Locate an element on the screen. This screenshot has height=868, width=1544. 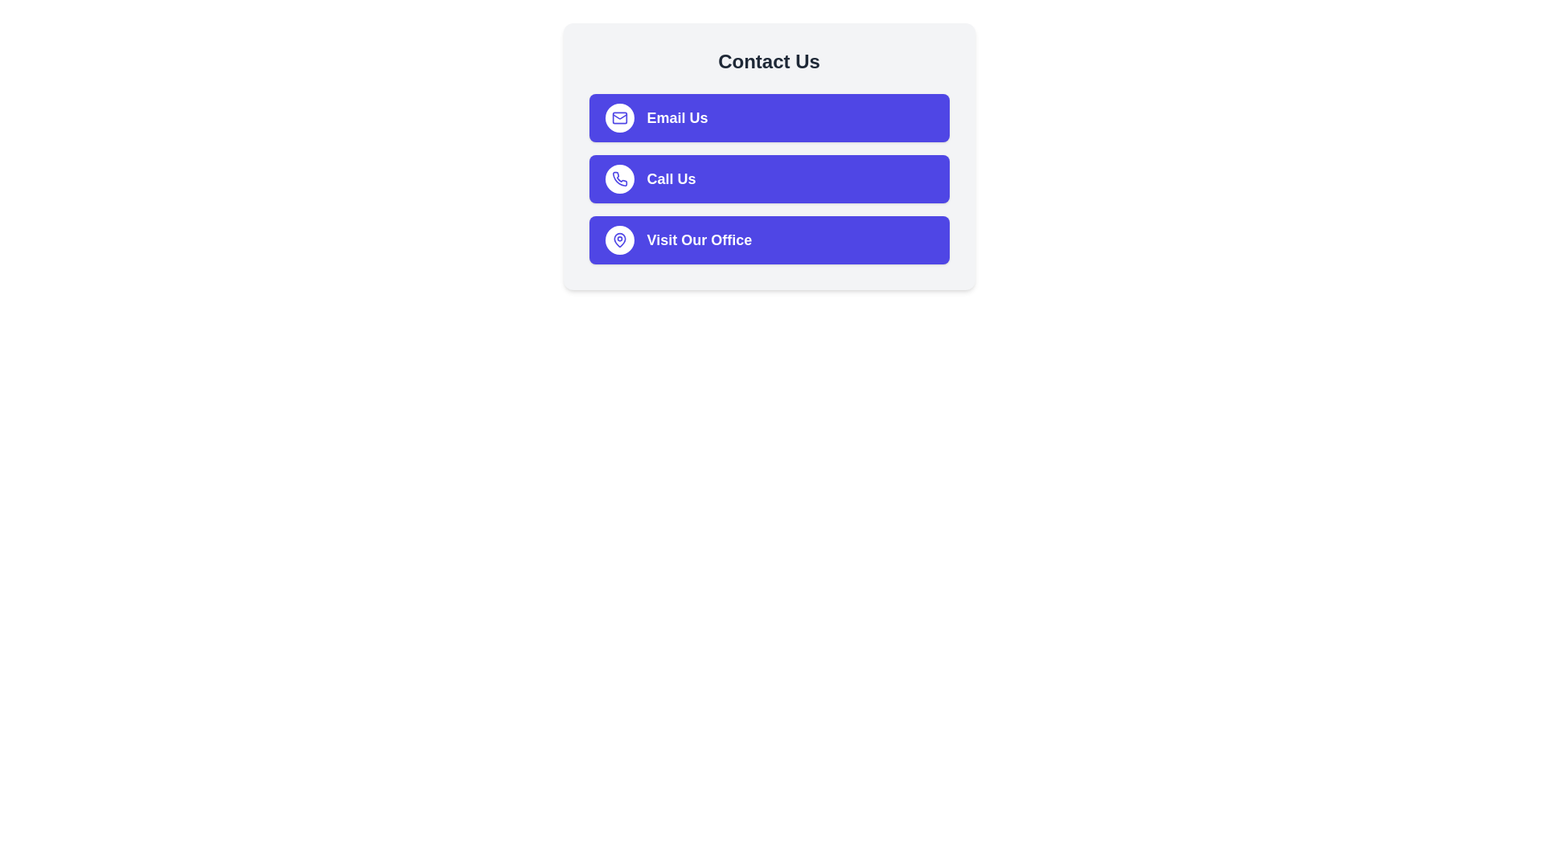
the 'Call Us' text label, which is bold and centrally placed on a blue button, the second button in a vertical stack of interactive elements is located at coordinates (671, 179).